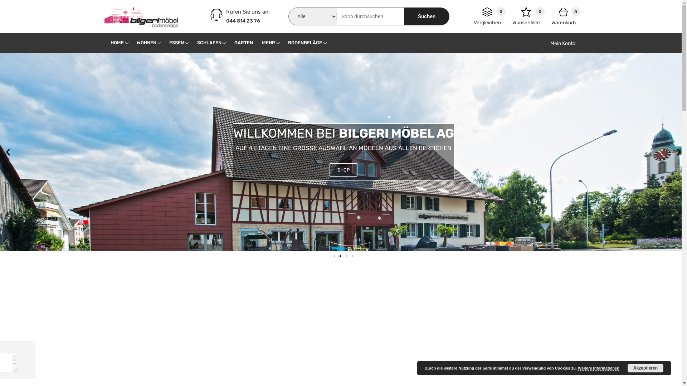  Describe the element at coordinates (599, 368) in the screenshot. I see `'Weitere Informationen'` at that location.